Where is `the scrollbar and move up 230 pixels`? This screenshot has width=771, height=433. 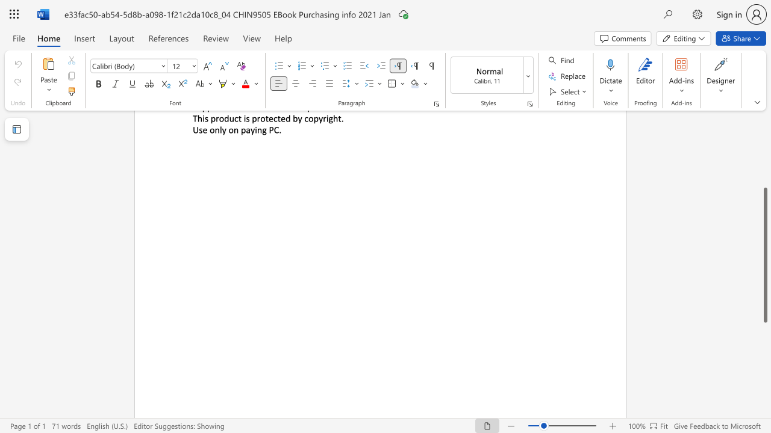 the scrollbar and move up 230 pixels is located at coordinates (764, 254).